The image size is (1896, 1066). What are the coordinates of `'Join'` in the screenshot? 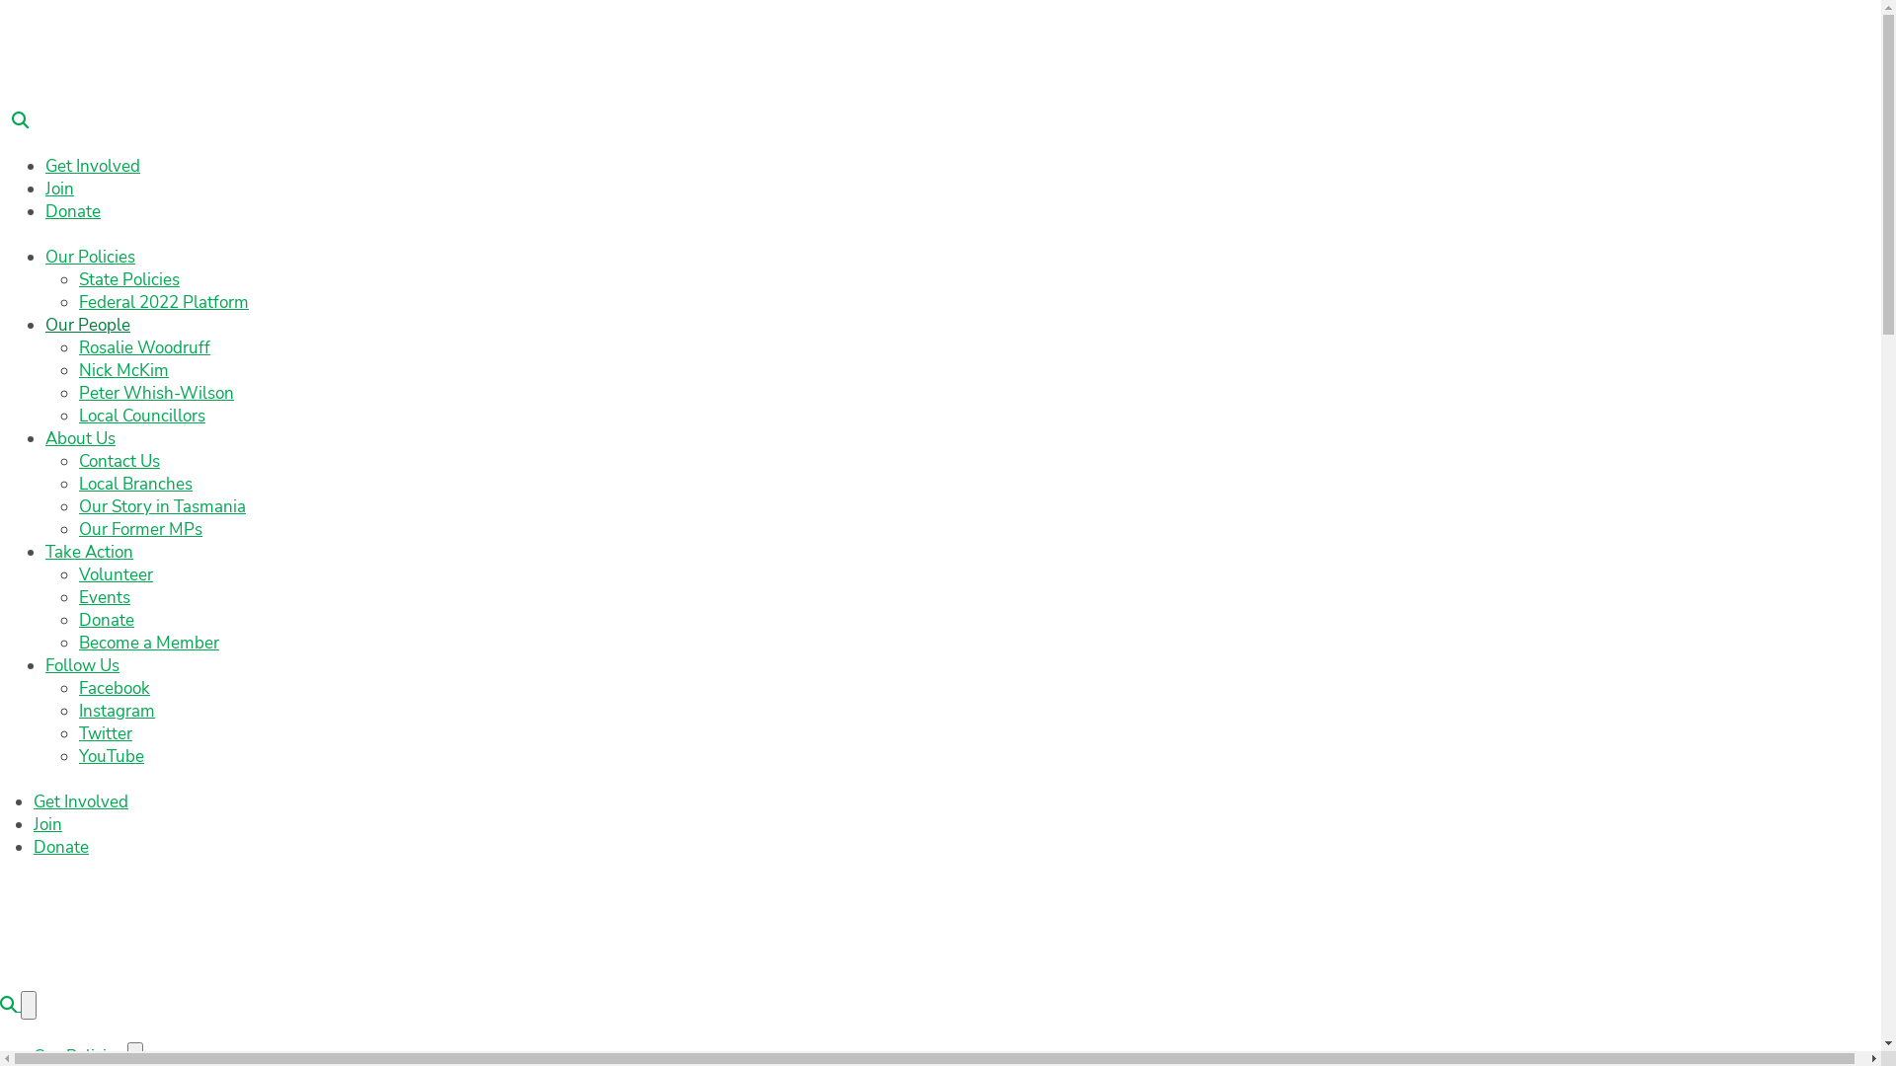 It's located at (59, 189).